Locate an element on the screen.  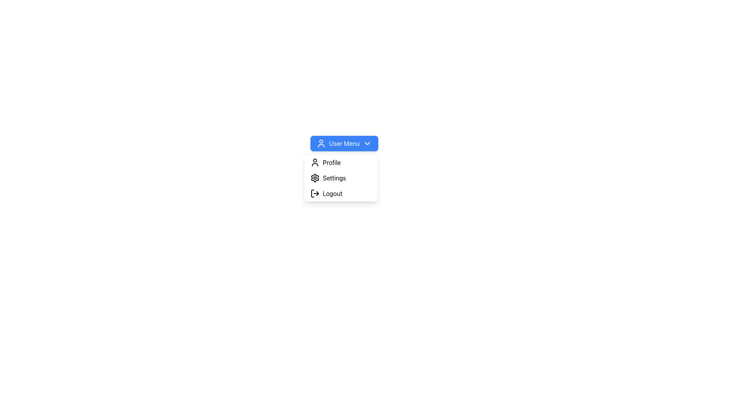
the log-out icon, which is an arrow pointing out of a rectangle, located to the left of the 'Logout' text in the third row of the dropdown menu under 'User Menu' is located at coordinates (315, 193).